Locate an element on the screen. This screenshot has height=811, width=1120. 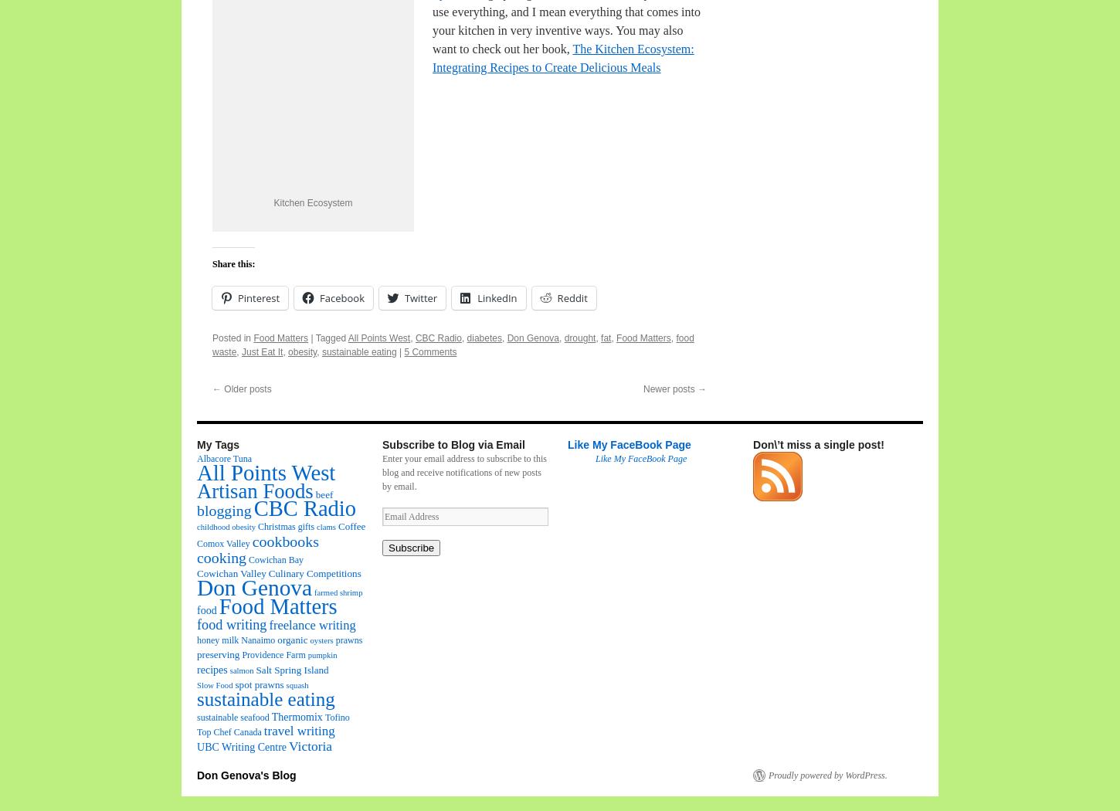
'pumpkin' is located at coordinates (321, 655).